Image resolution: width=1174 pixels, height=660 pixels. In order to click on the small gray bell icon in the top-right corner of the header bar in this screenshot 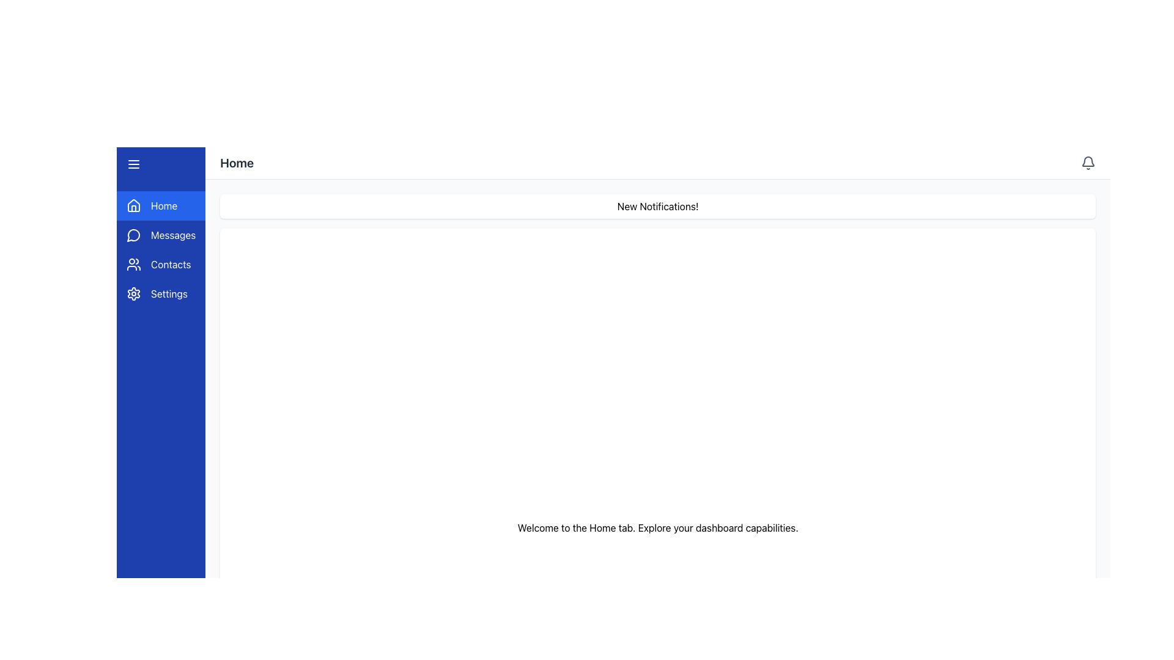, I will do `click(1088, 162)`.